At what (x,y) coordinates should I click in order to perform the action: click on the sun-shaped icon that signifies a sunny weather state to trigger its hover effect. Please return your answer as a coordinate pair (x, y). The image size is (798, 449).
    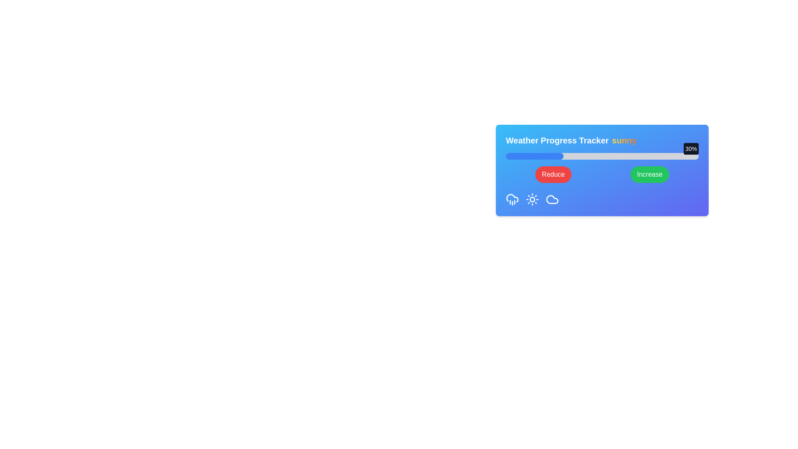
    Looking at the image, I should click on (532, 199).